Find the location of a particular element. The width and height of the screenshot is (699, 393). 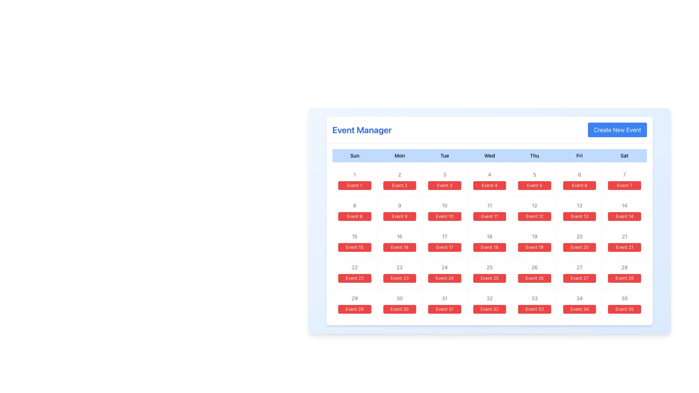

the small rectangular button with rounded edges, red background, and white text 'Event 17' located in the fifth row and third column of the calendar grid is located at coordinates (444, 247).